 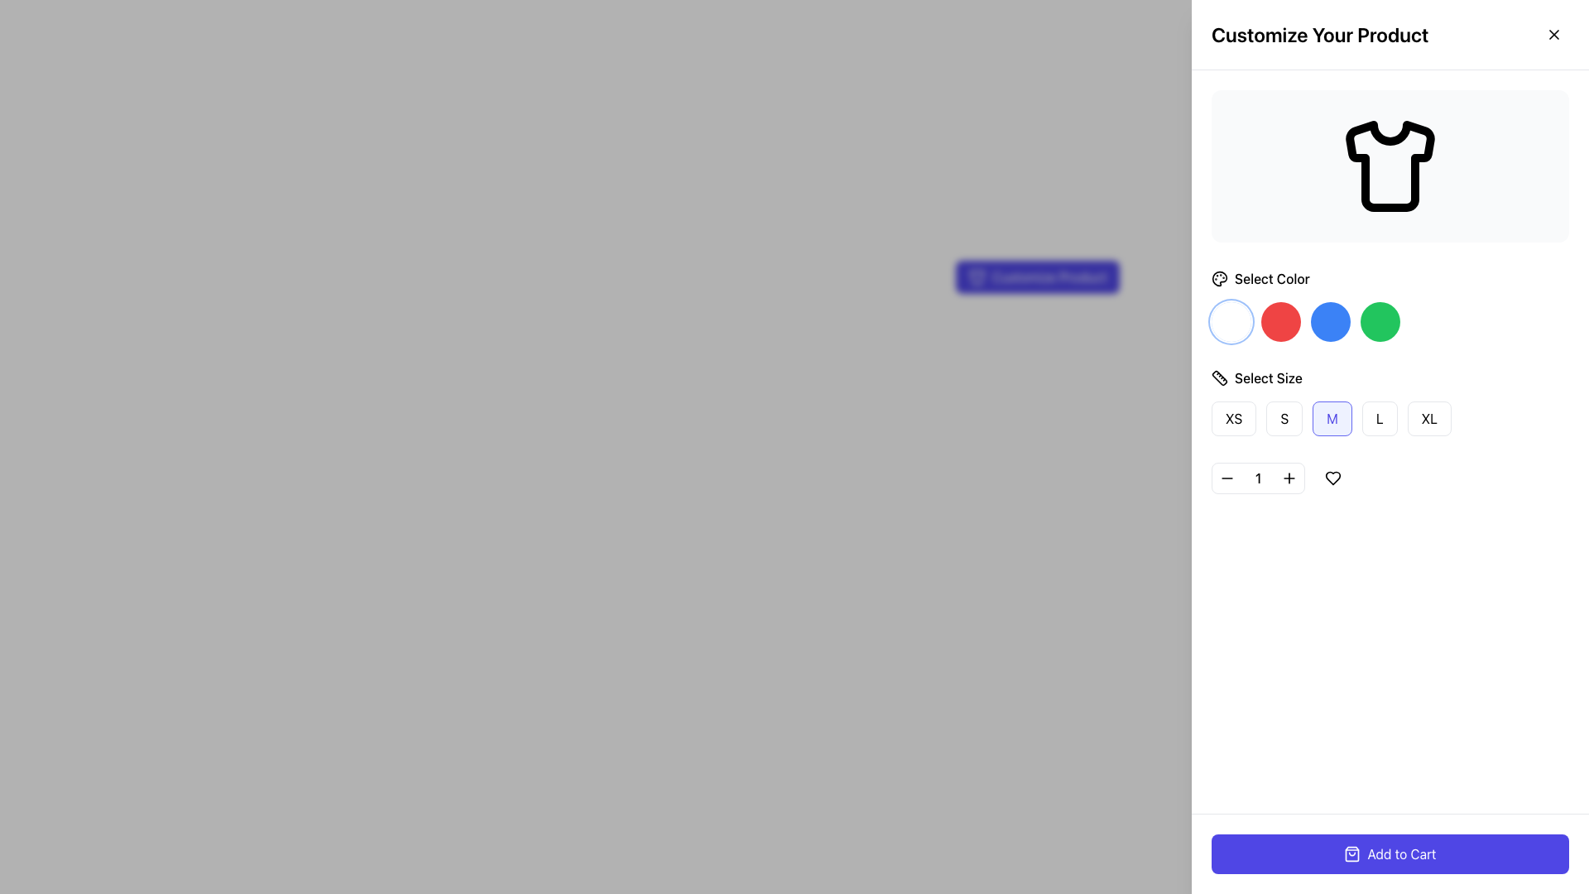 What do you see at coordinates (1553, 35) in the screenshot?
I see `the close button located at the top-right corner of the modal titled 'Customize Your Product' for keyboard interaction support` at bounding box center [1553, 35].